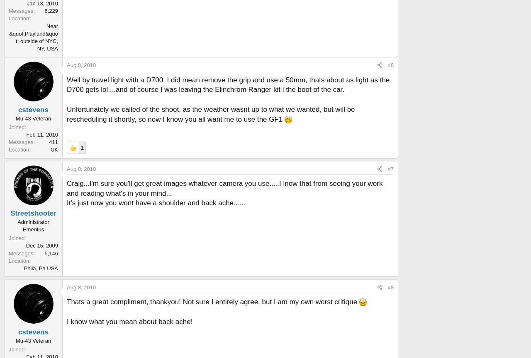 This screenshot has height=358, width=531. What do you see at coordinates (33, 225) in the screenshot?
I see `'Administrator Emeritus'` at bounding box center [33, 225].